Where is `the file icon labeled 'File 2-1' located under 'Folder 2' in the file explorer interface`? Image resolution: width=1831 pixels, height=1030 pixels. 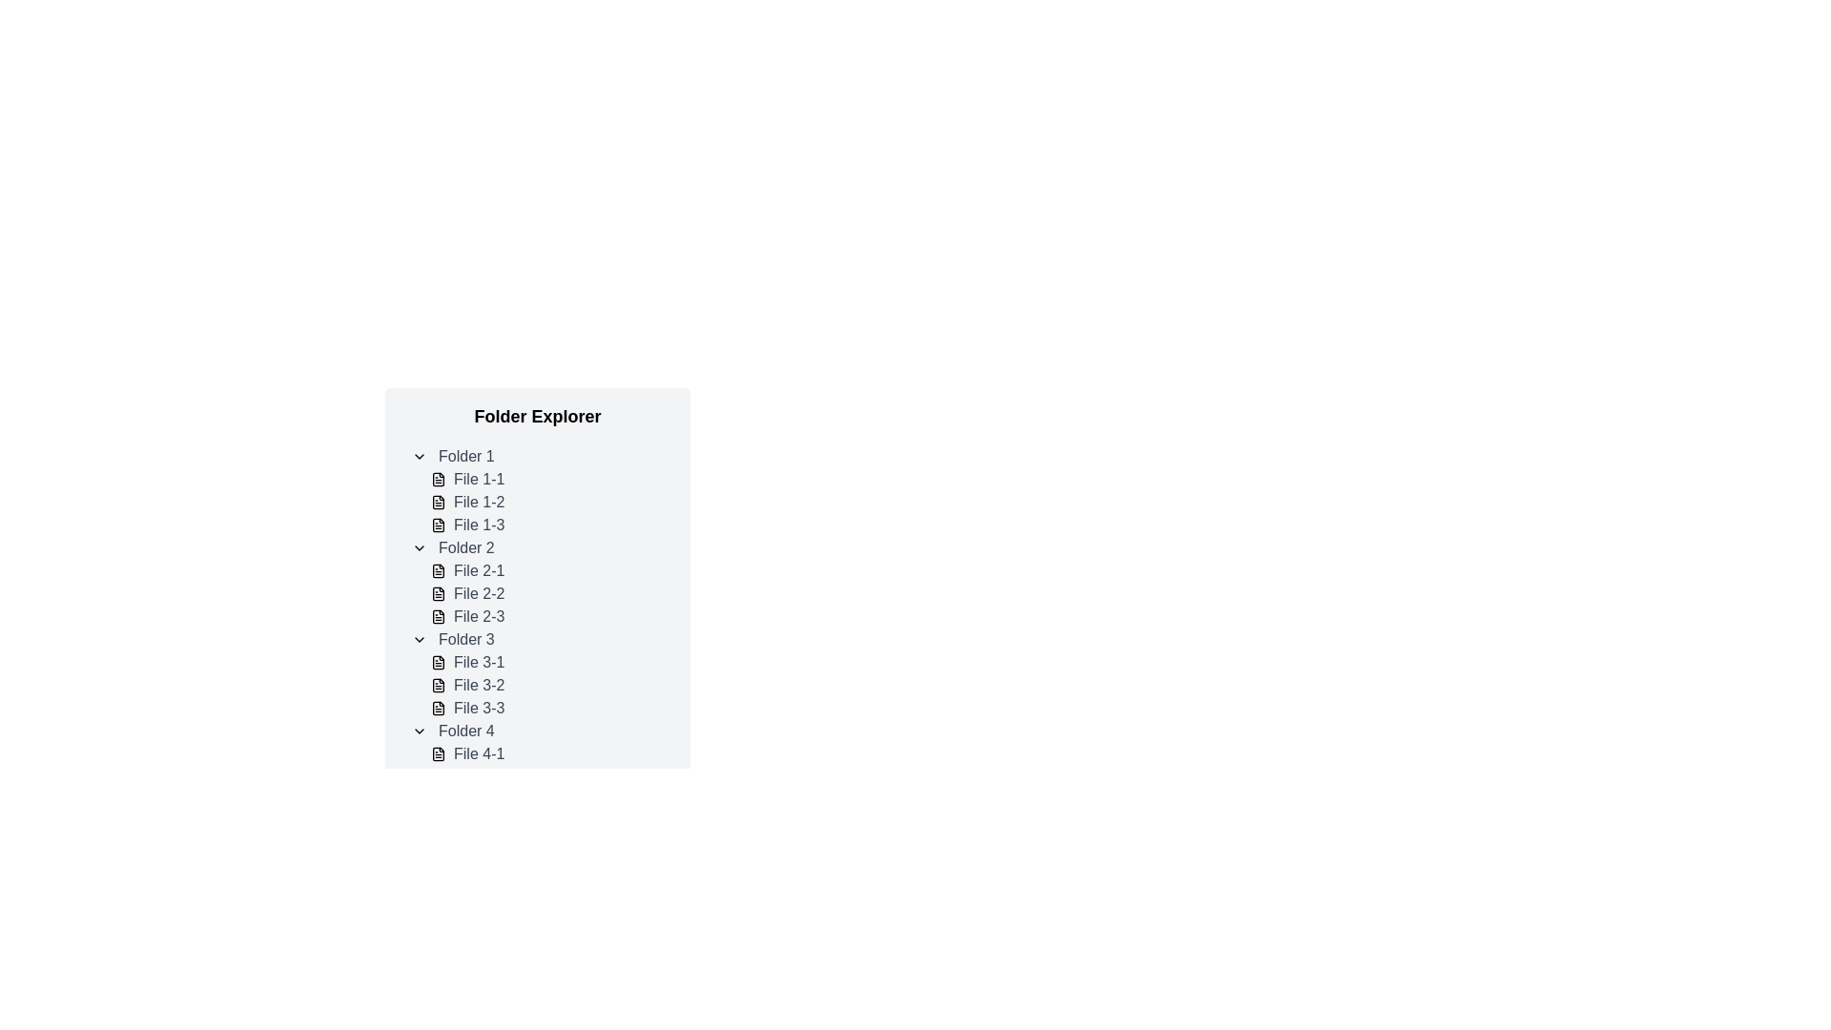
the file icon labeled 'File 2-1' located under 'Folder 2' in the file explorer interface is located at coordinates (438, 569).